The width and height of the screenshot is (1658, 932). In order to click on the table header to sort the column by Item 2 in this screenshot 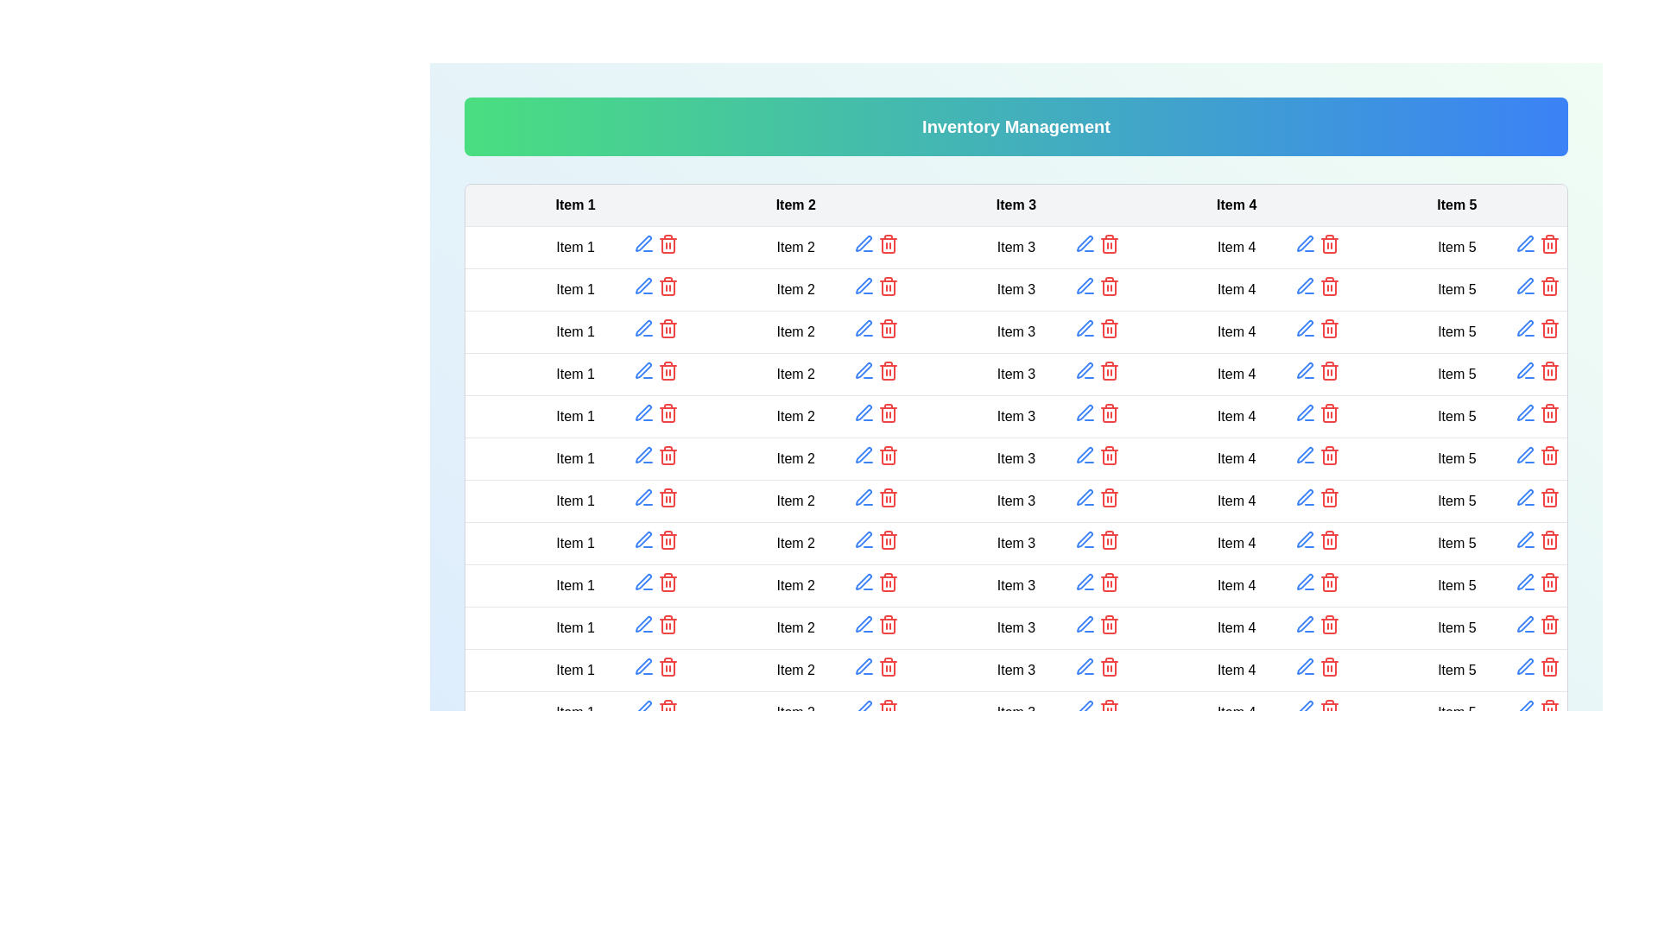, I will do `click(794, 205)`.